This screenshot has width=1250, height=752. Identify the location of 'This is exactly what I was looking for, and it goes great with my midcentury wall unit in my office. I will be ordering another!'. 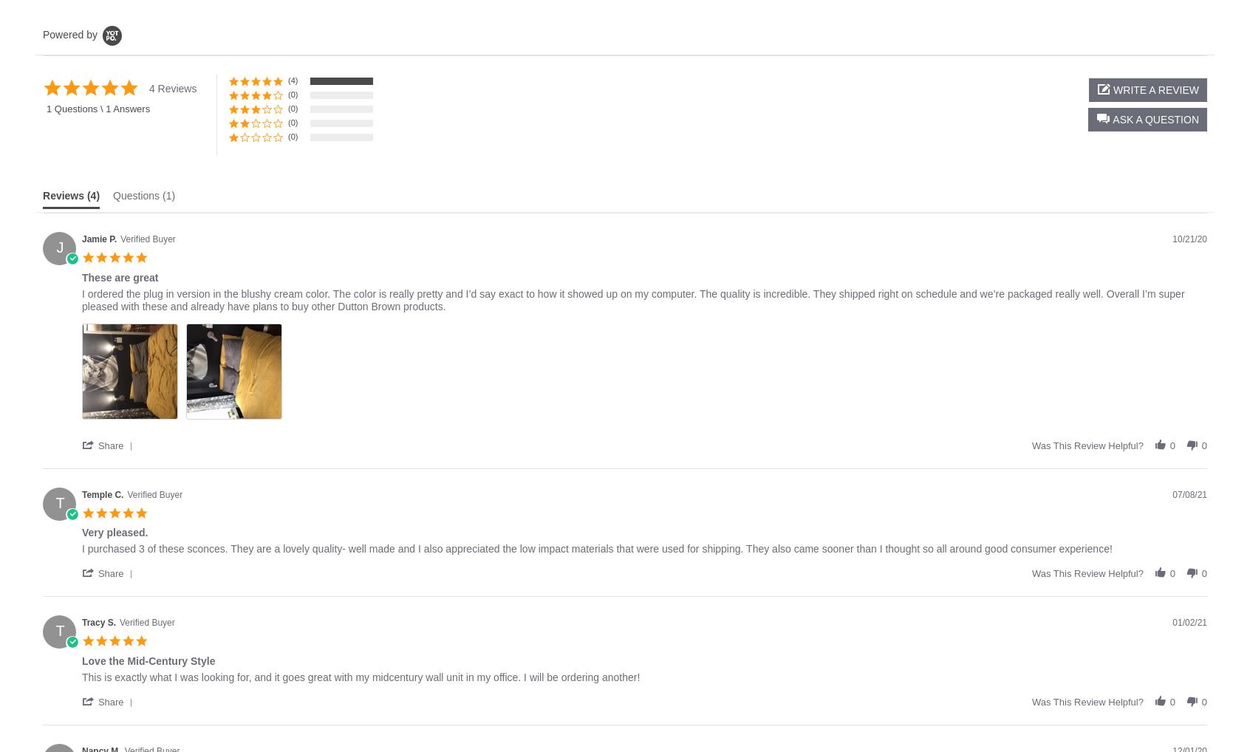
(360, 676).